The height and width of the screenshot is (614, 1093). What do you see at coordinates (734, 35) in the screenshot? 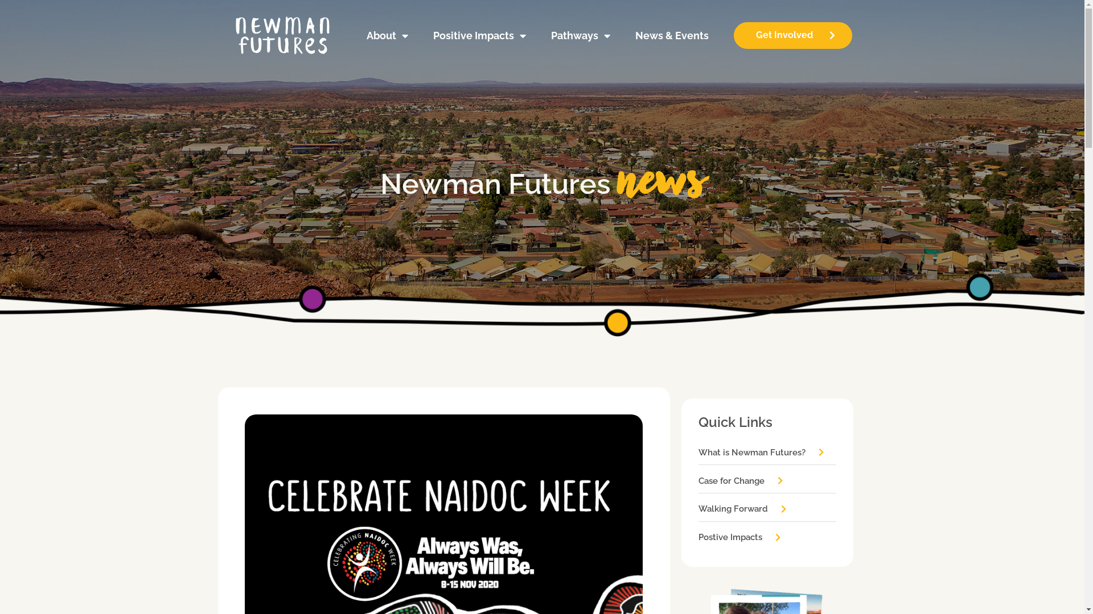
I see `'Get Involved'` at bounding box center [734, 35].